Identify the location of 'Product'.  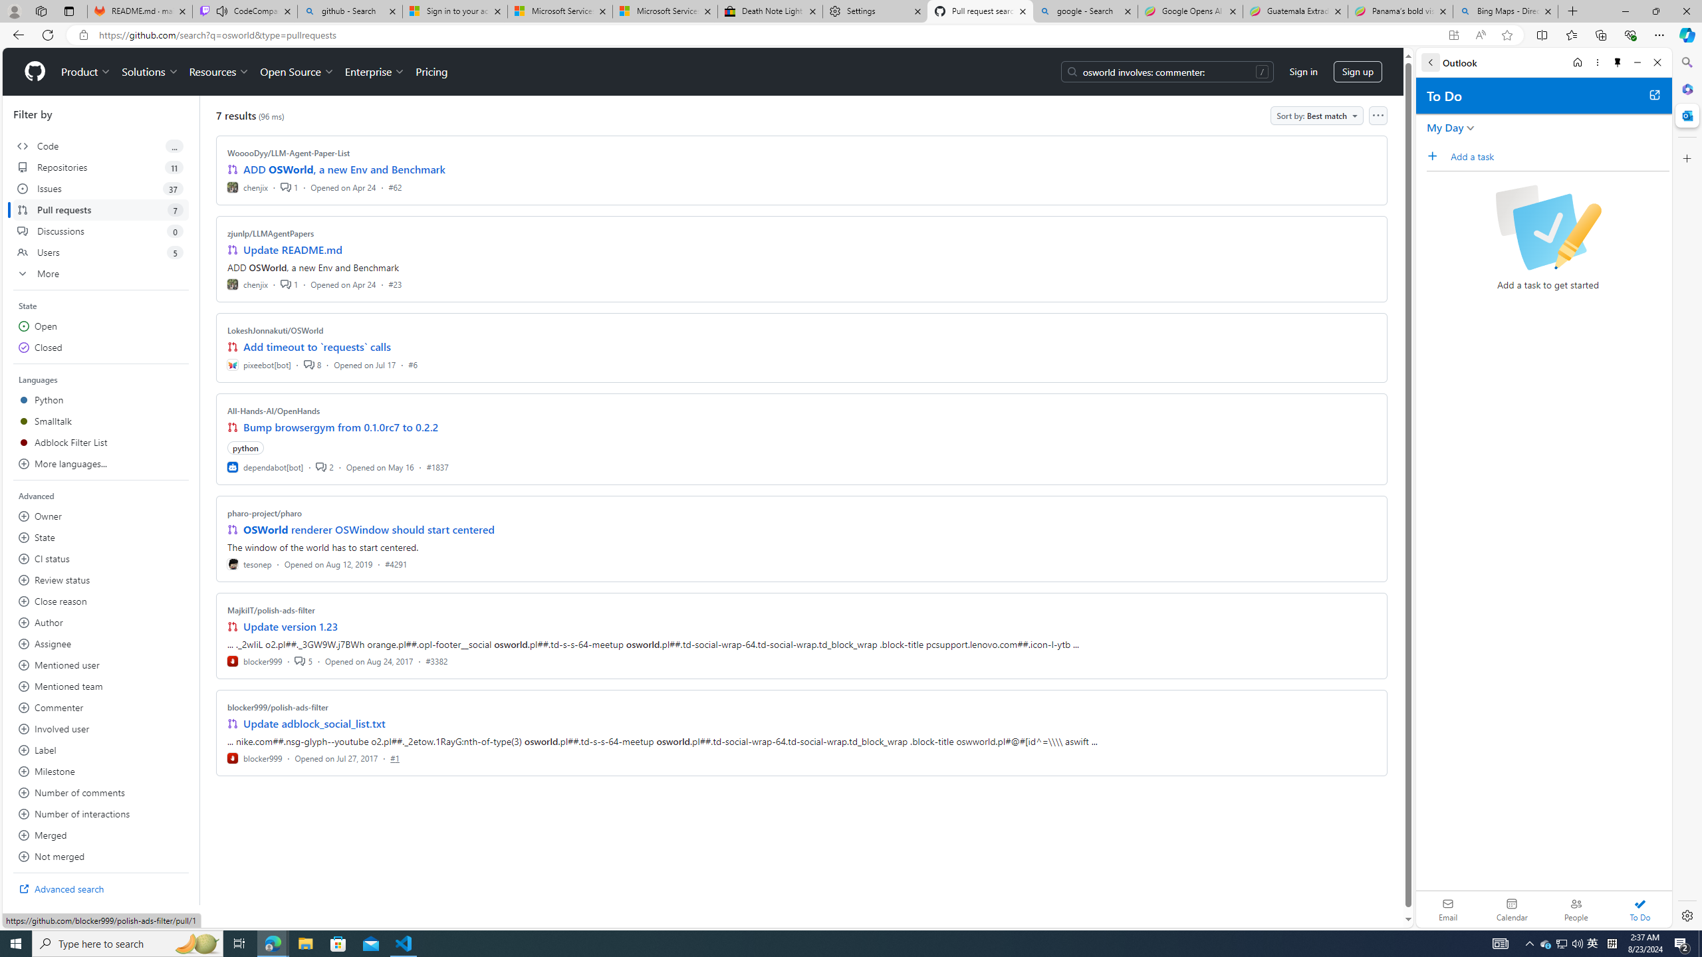
(86, 71).